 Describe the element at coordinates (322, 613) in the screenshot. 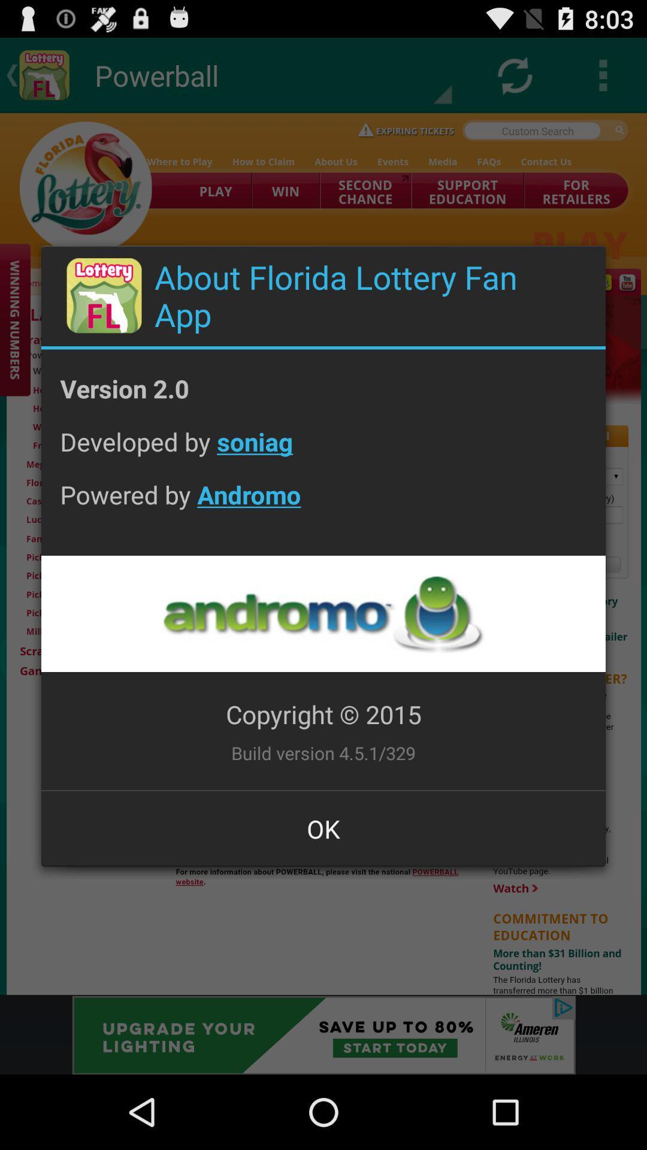

I see `click for website` at that location.